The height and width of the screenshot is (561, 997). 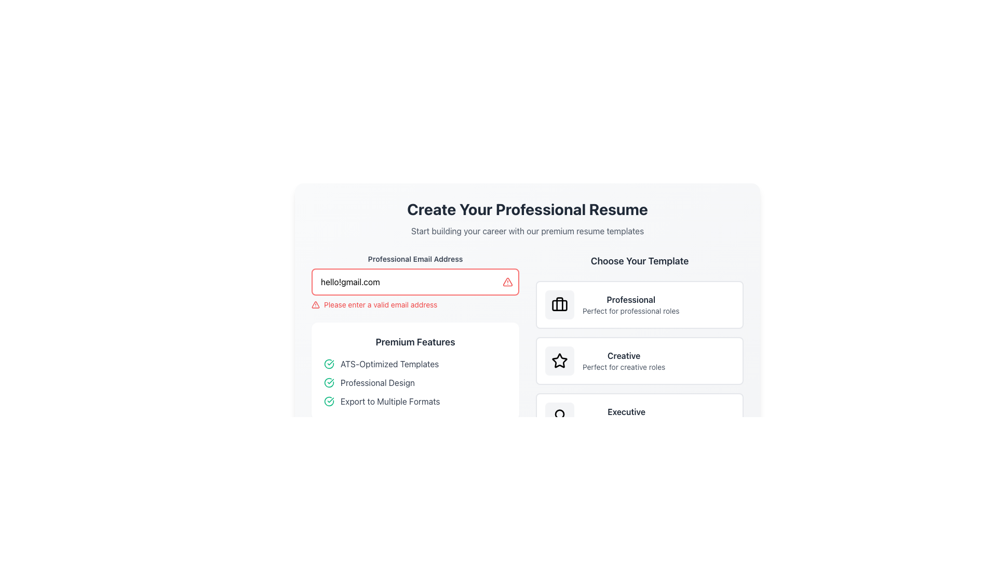 I want to click on the 'ATS-Optimized Templates' text or the accompanying checkmark icon located in the 'Premium Features' section, which is the first entry in the list of features, so click(x=415, y=364).